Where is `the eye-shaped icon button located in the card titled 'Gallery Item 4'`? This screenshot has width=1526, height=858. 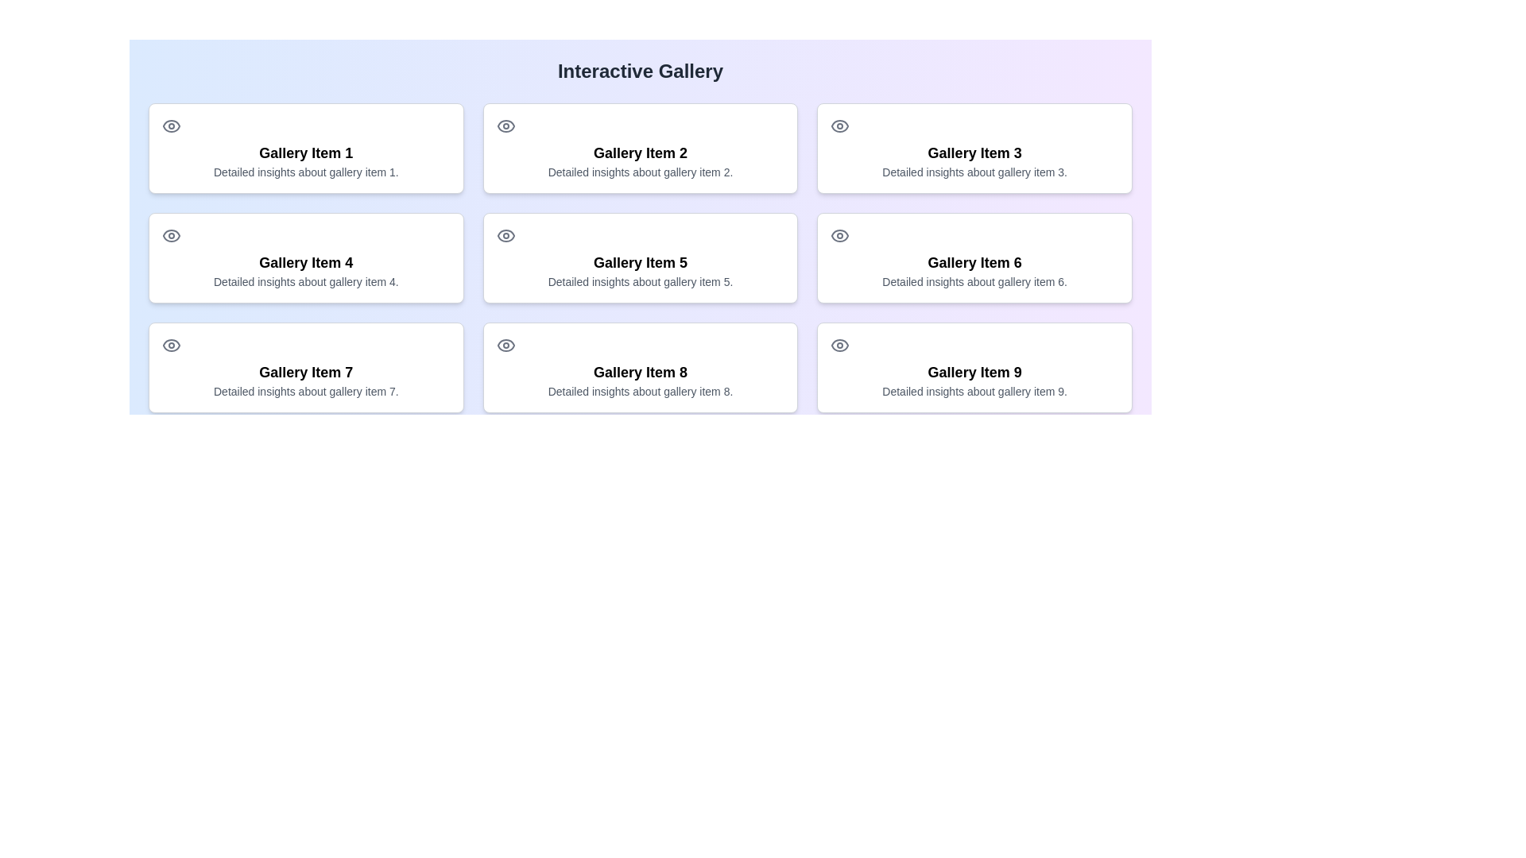
the eye-shaped icon button located in the card titled 'Gallery Item 4' is located at coordinates (172, 236).